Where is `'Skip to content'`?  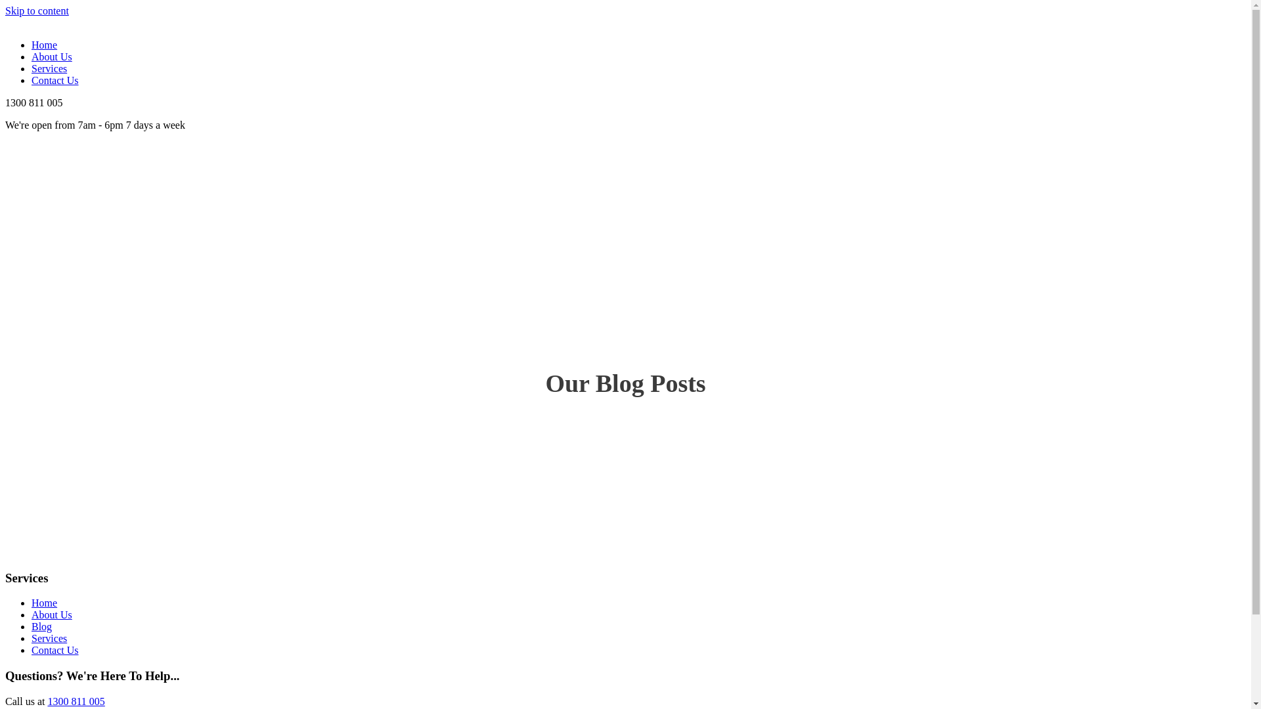
'Skip to content' is located at coordinates (37, 11).